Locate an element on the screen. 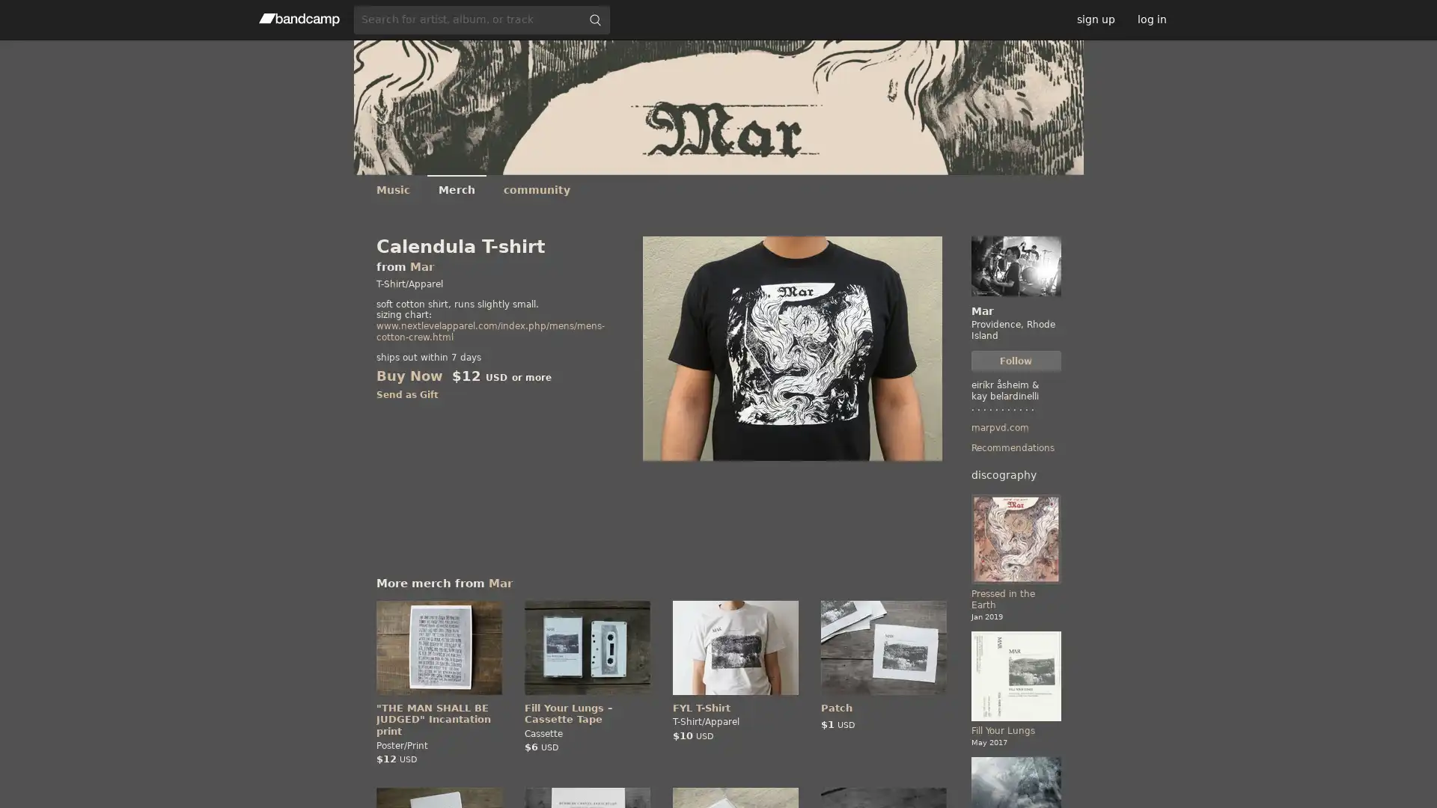 This screenshot has height=808, width=1437. Buy Now is located at coordinates (409, 375).